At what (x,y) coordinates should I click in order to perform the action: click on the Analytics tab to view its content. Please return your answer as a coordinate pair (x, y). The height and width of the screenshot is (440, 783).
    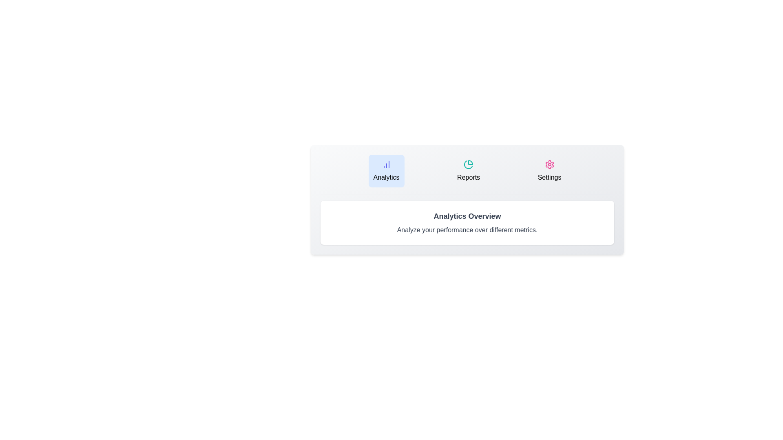
    Looking at the image, I should click on (385, 171).